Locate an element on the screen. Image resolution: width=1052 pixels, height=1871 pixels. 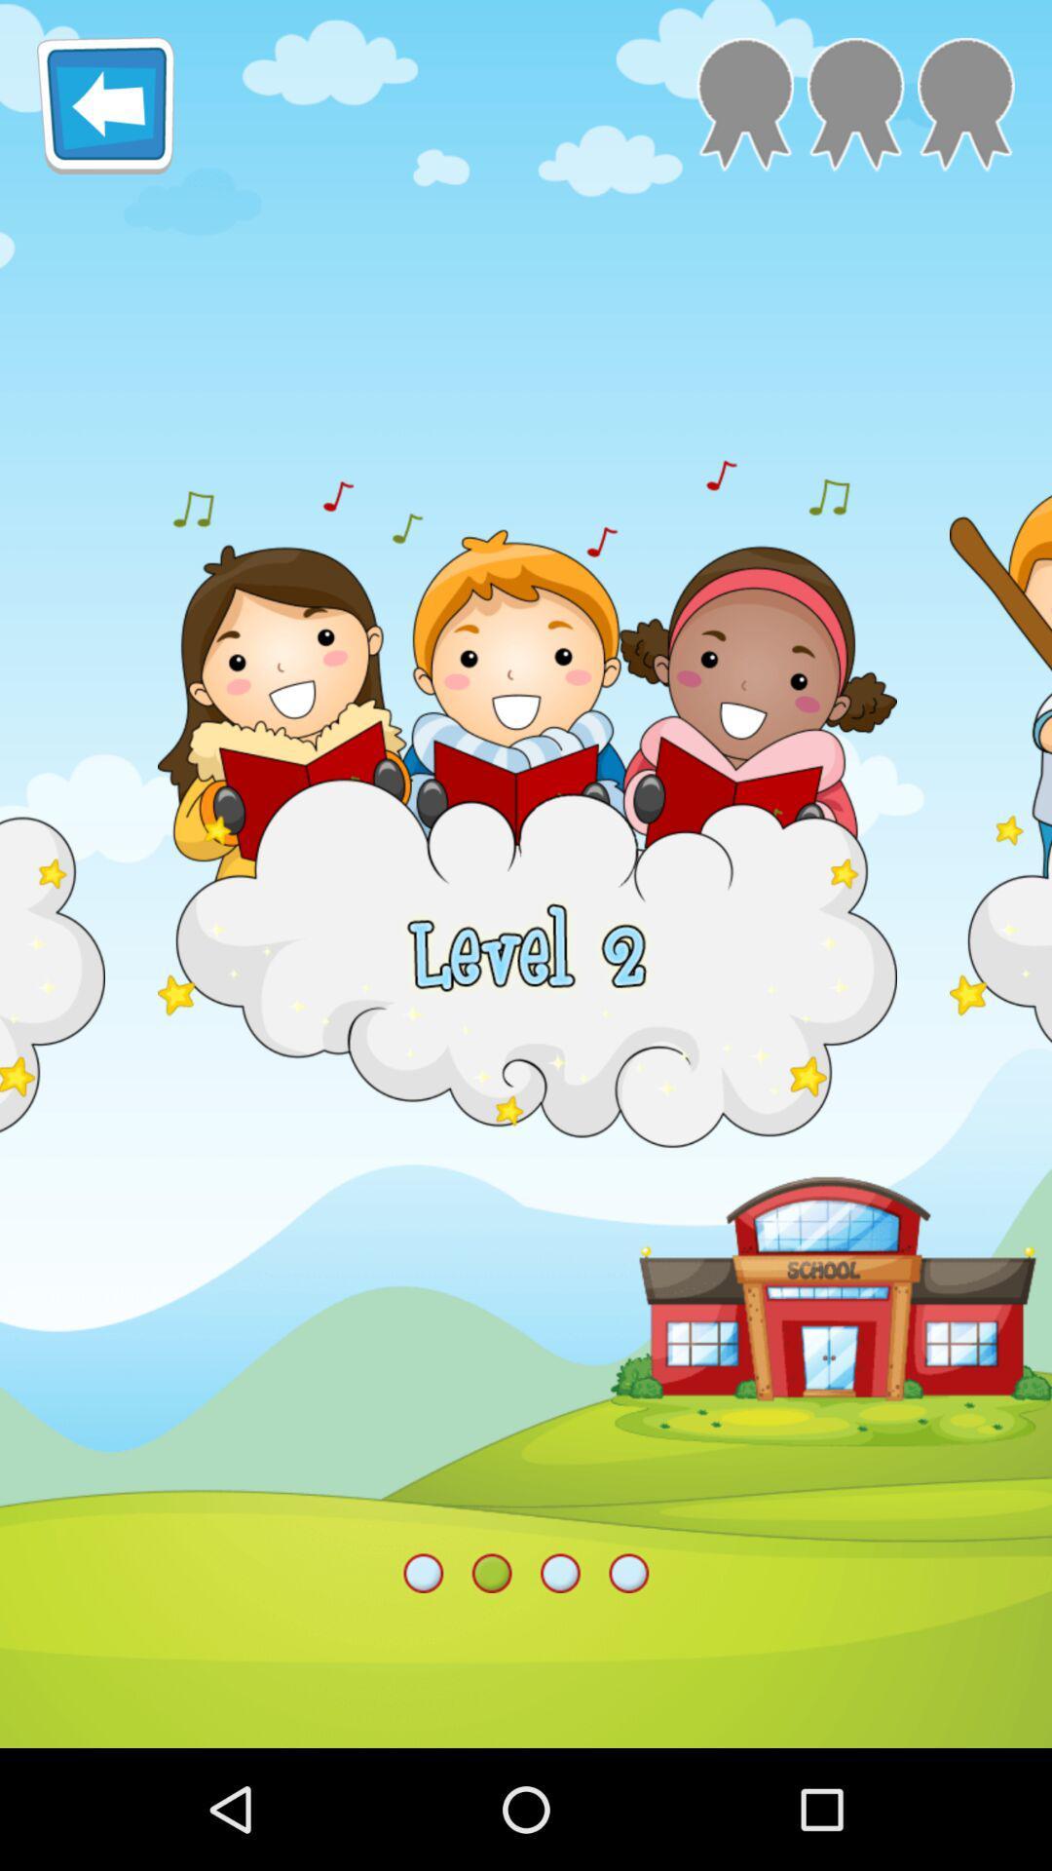
award medal indicator is located at coordinates (854, 103).